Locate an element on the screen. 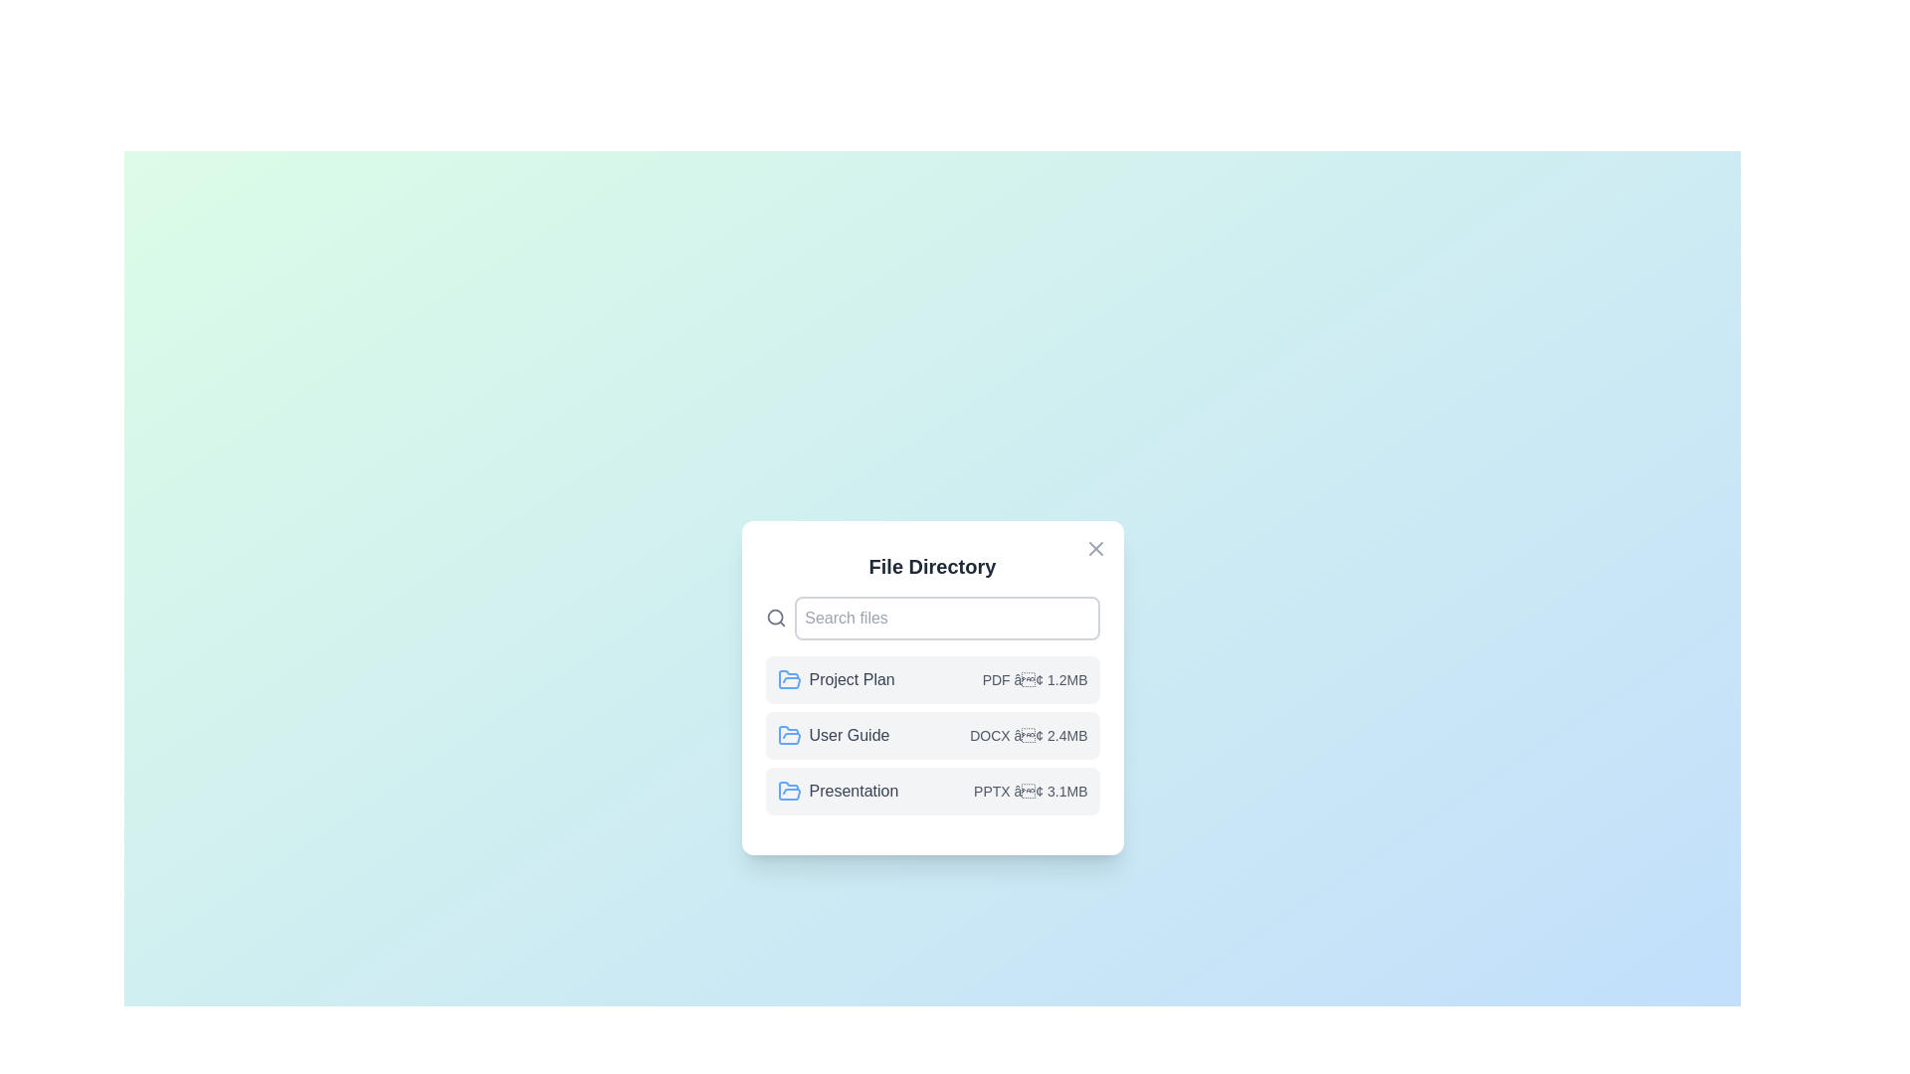 Image resolution: width=1910 pixels, height=1074 pixels. the file entry User Guide to select it is located at coordinates (931, 736).